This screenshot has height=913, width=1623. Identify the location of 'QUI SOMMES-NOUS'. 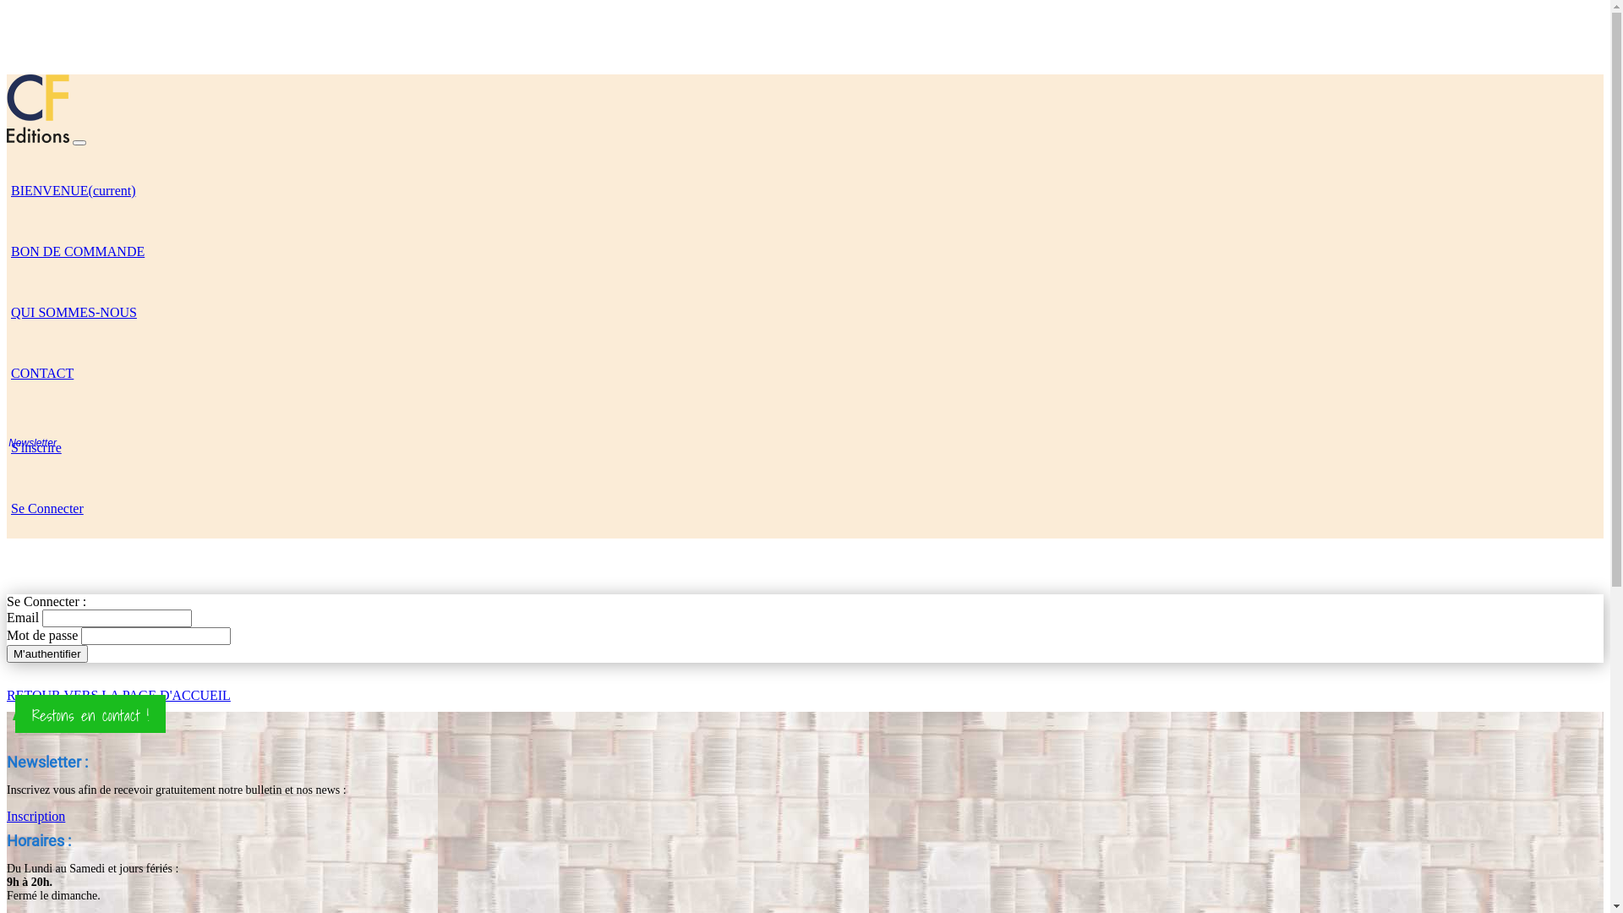
(7, 310).